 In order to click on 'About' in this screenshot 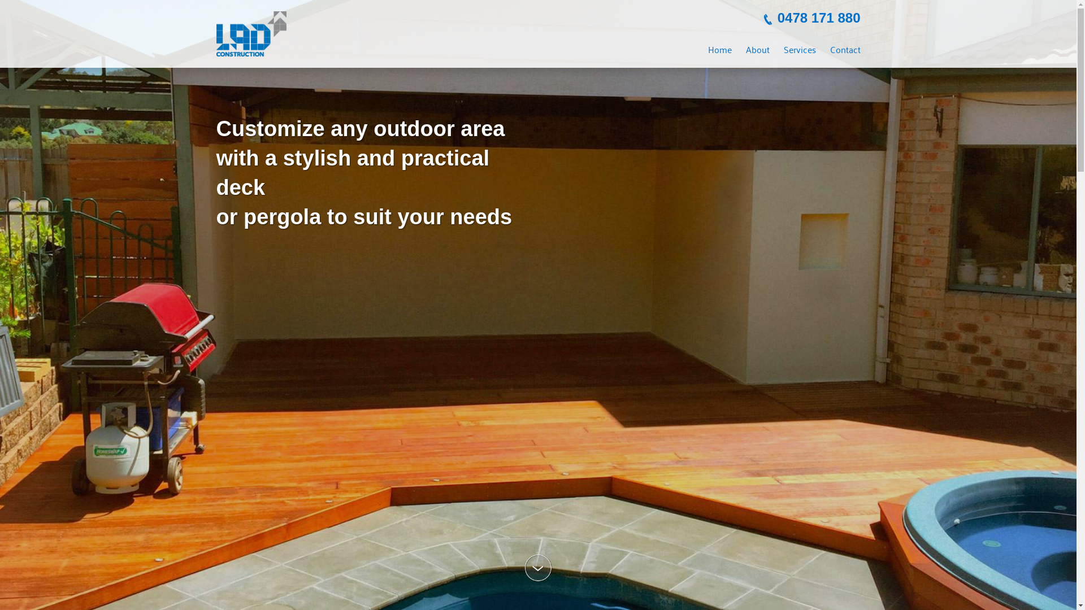, I will do `click(757, 49)`.